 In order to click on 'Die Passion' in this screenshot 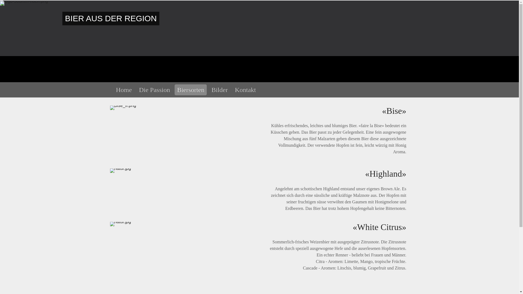, I will do `click(154, 90)`.